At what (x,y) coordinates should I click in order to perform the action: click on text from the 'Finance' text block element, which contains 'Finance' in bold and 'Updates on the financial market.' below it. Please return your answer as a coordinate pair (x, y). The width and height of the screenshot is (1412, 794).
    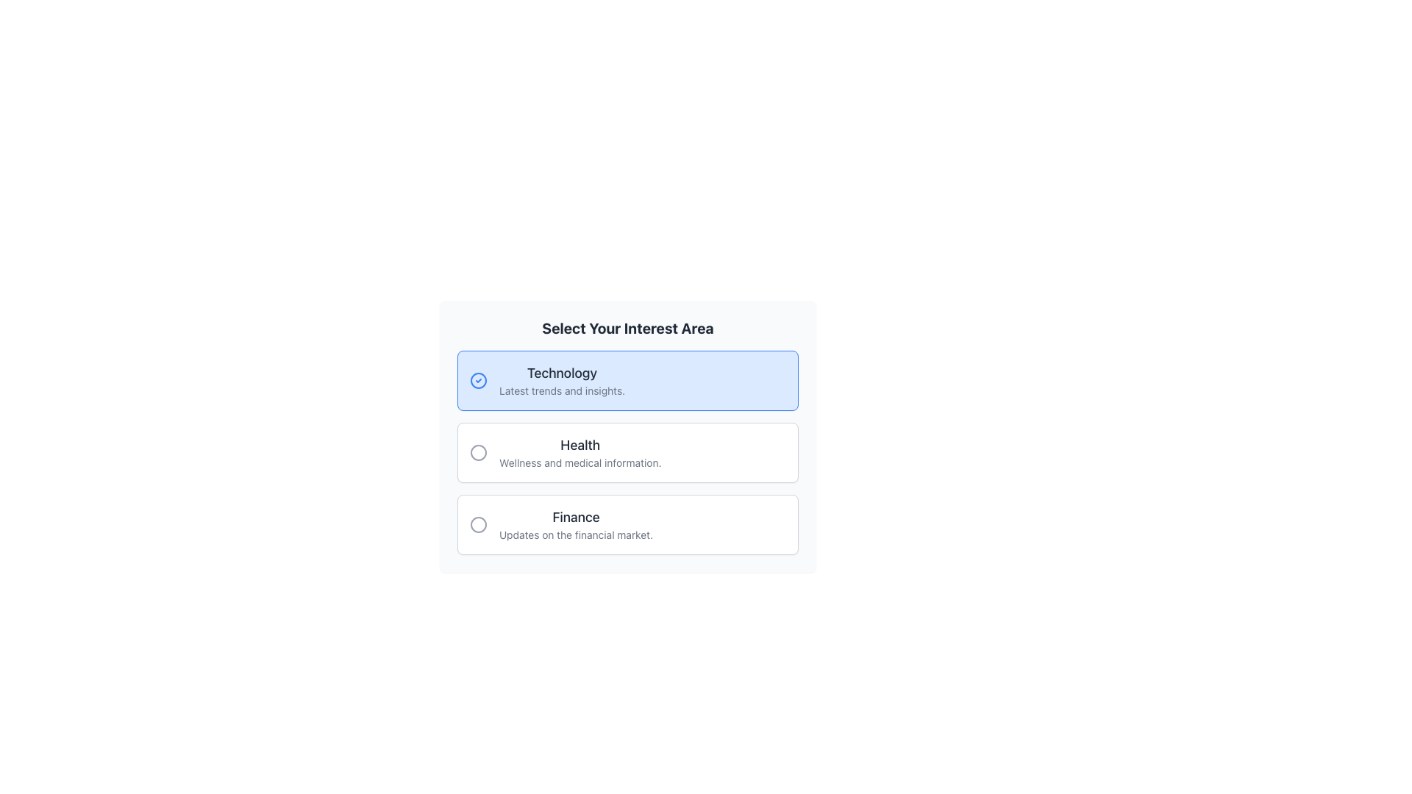
    Looking at the image, I should click on (575, 523).